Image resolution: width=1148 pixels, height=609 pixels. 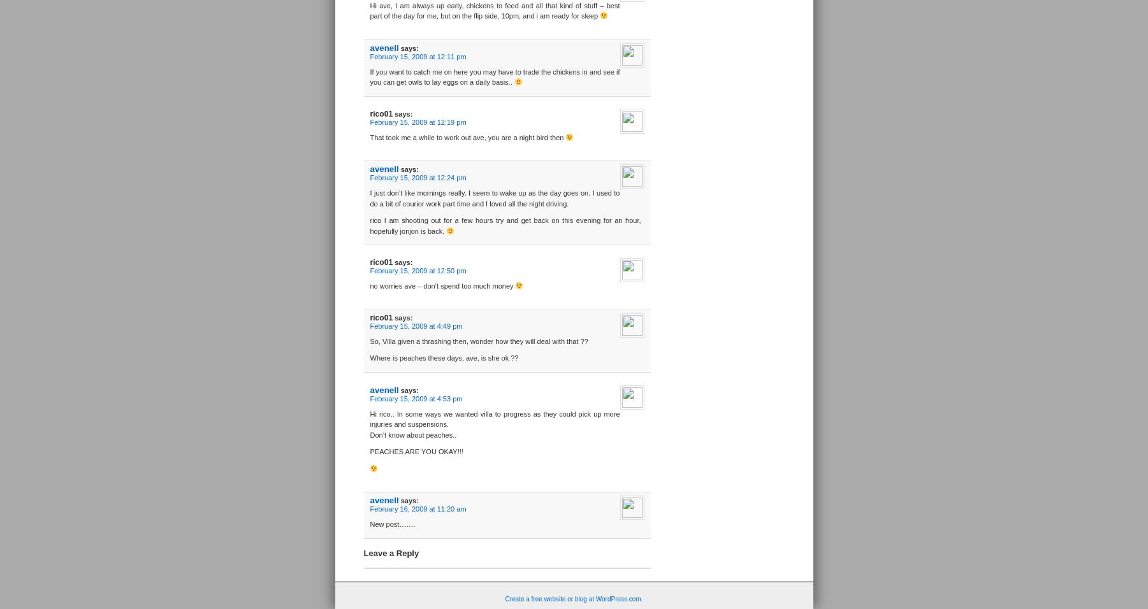 I want to click on 'Create a free website or blog at WordPress.com.', so click(x=572, y=598).